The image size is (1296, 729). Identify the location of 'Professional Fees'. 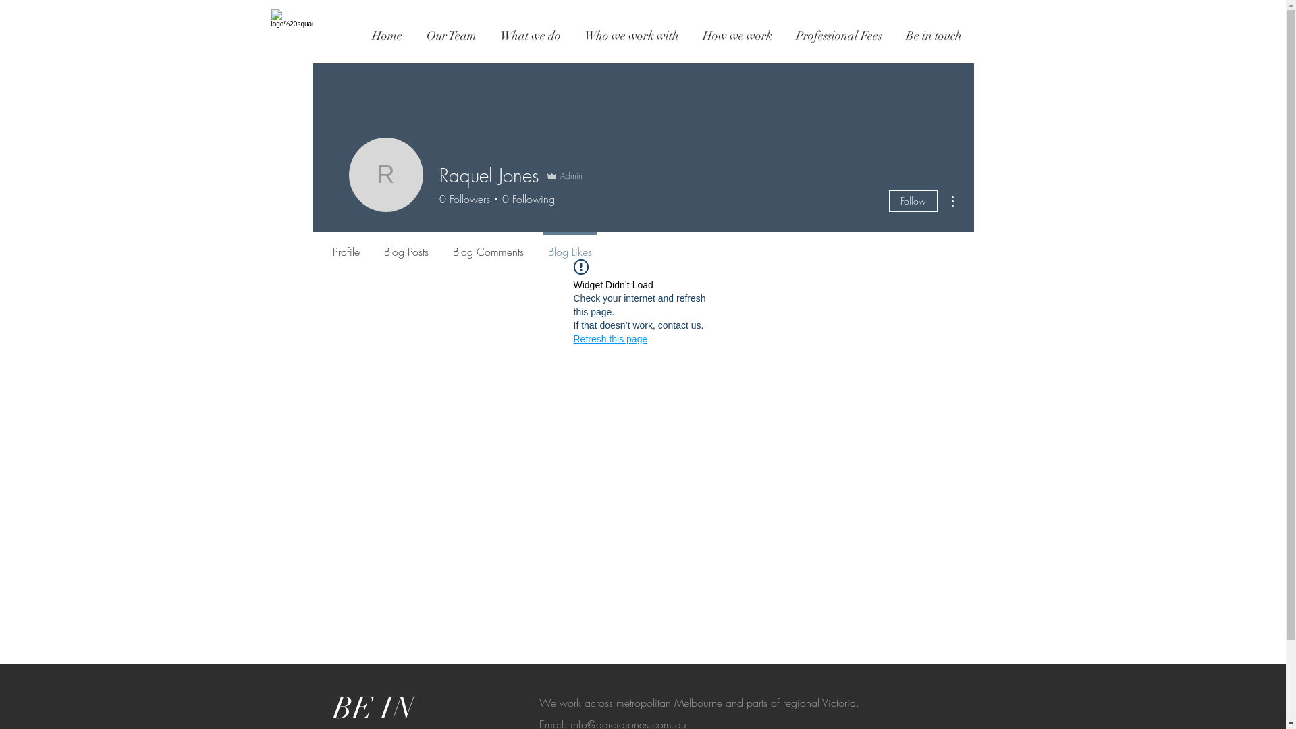
(838, 35).